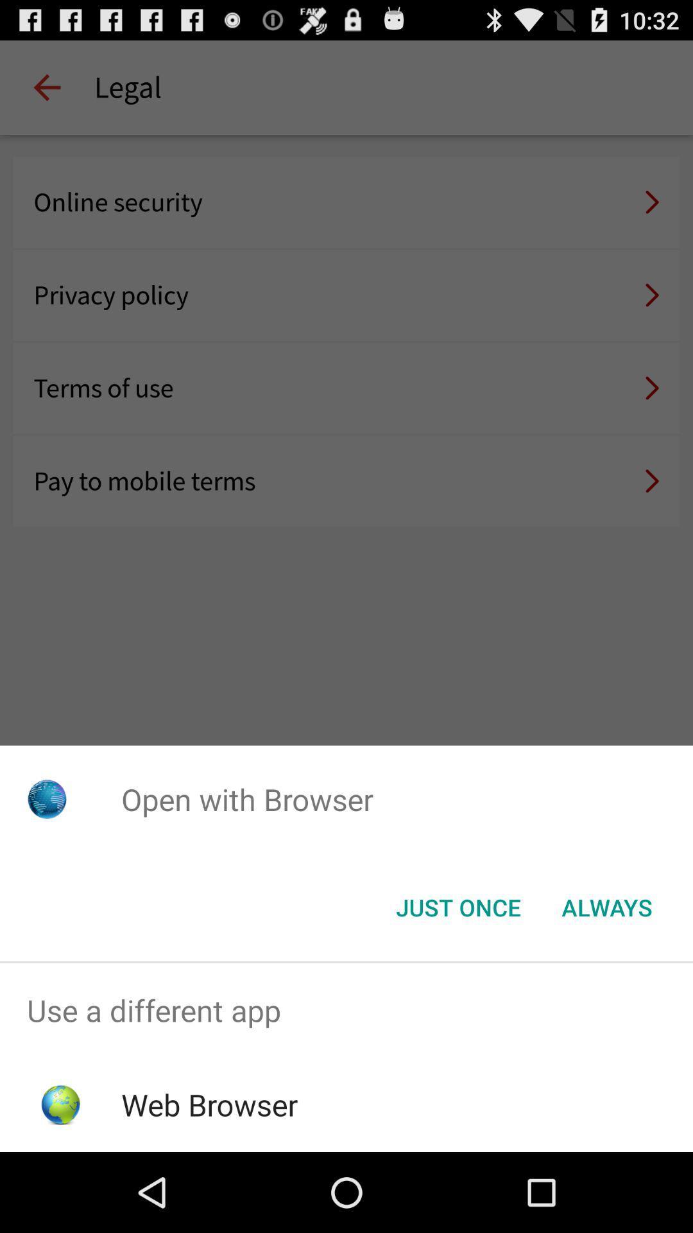 Image resolution: width=693 pixels, height=1233 pixels. I want to click on item next to always icon, so click(458, 906).